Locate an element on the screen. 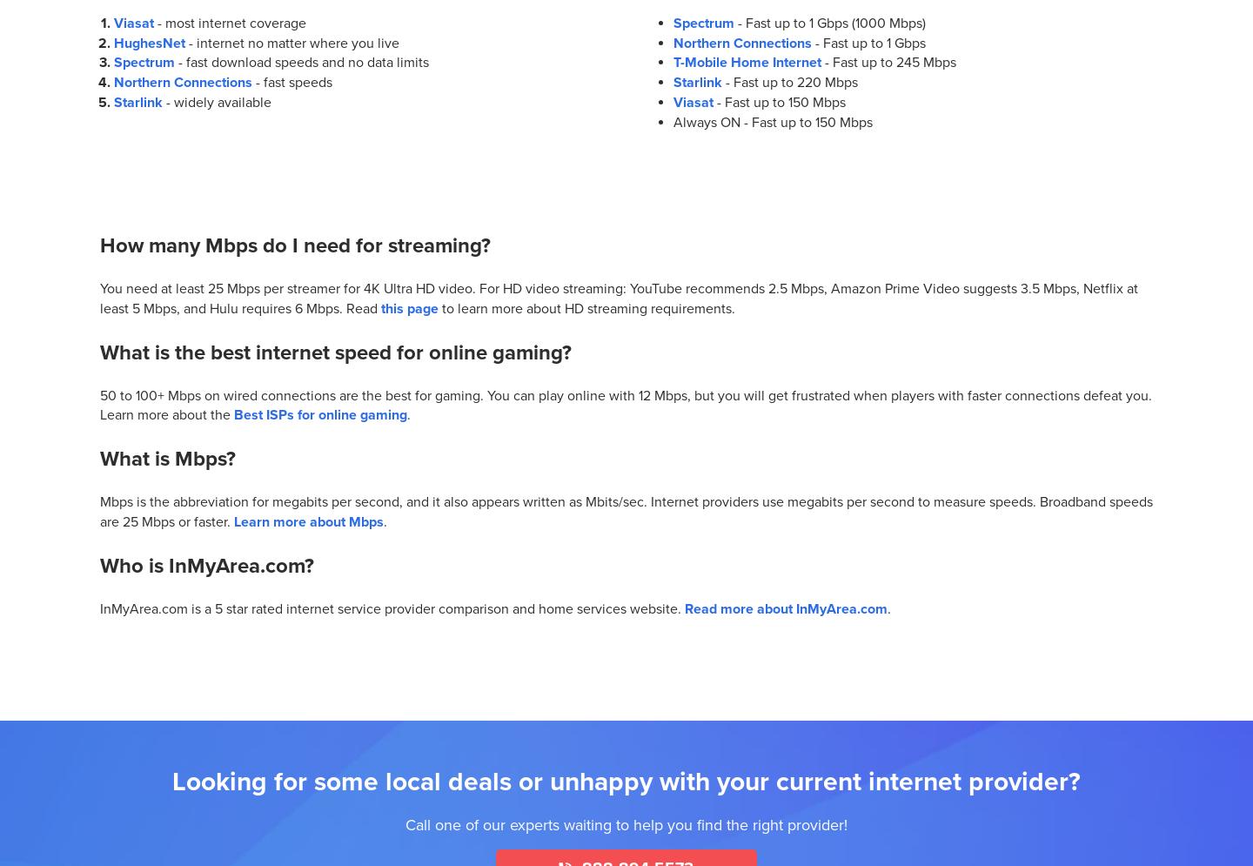  'Learn more about Mbps' is located at coordinates (308, 520).